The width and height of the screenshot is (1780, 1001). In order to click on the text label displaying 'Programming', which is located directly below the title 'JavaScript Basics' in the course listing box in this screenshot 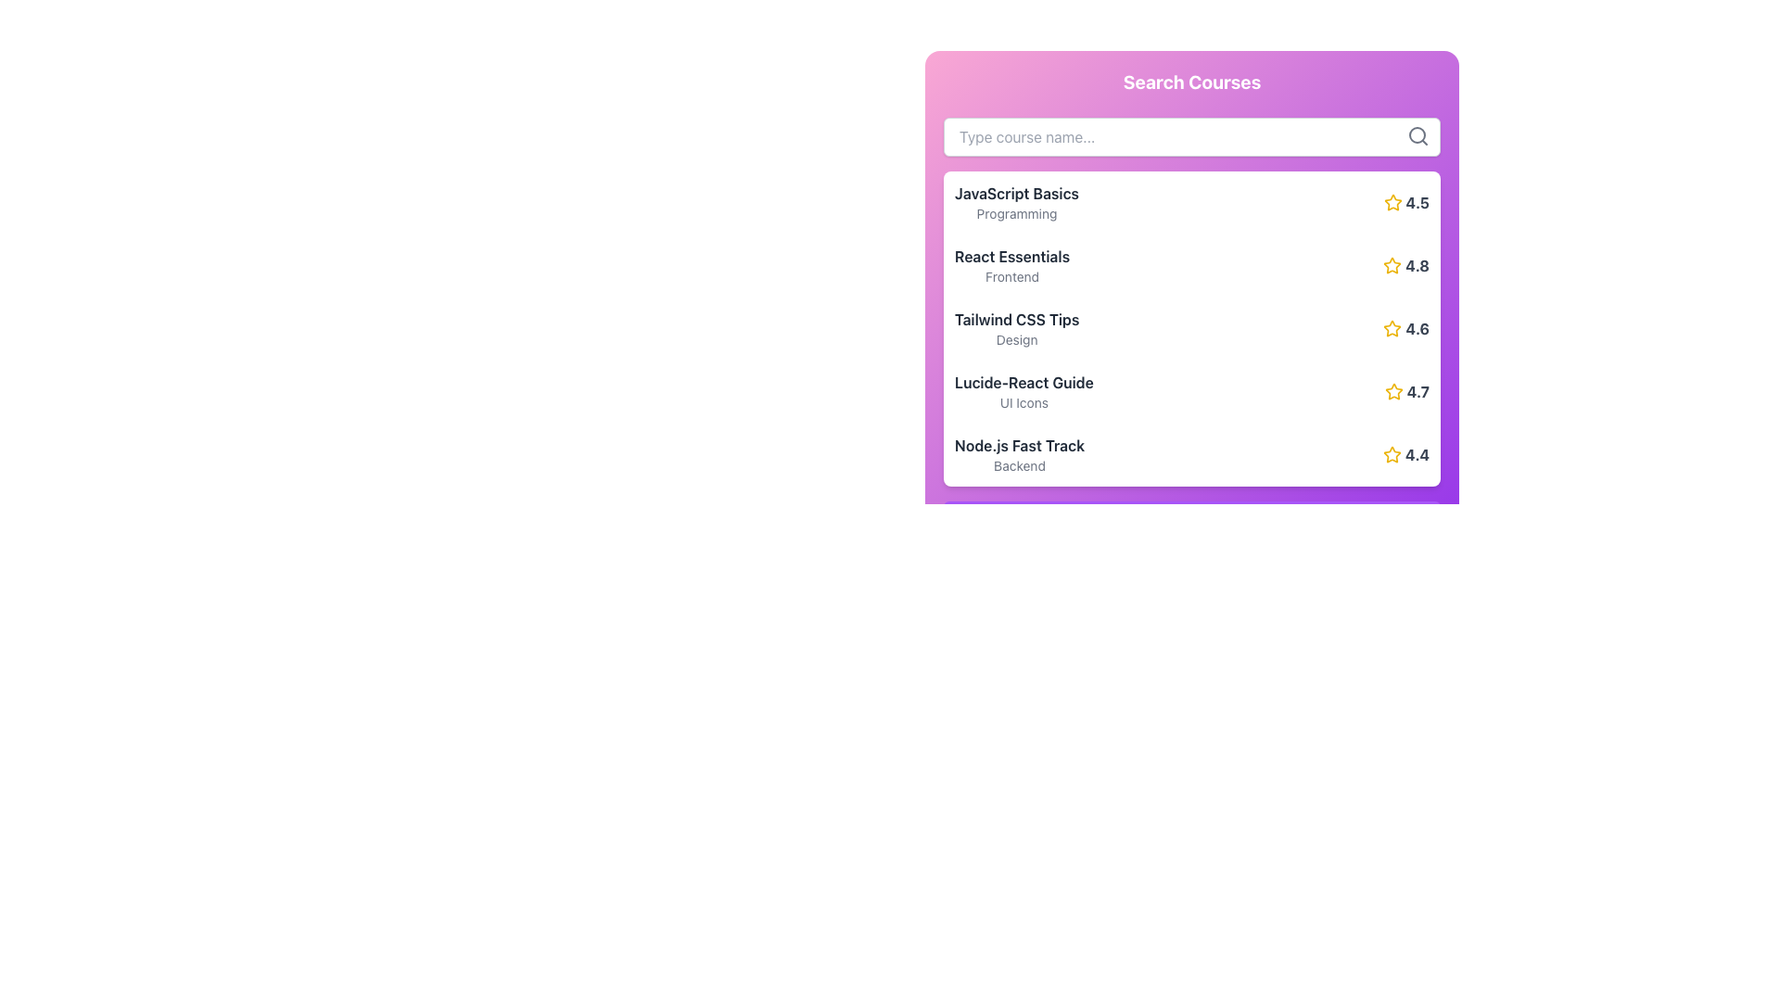, I will do `click(1016, 213)`.